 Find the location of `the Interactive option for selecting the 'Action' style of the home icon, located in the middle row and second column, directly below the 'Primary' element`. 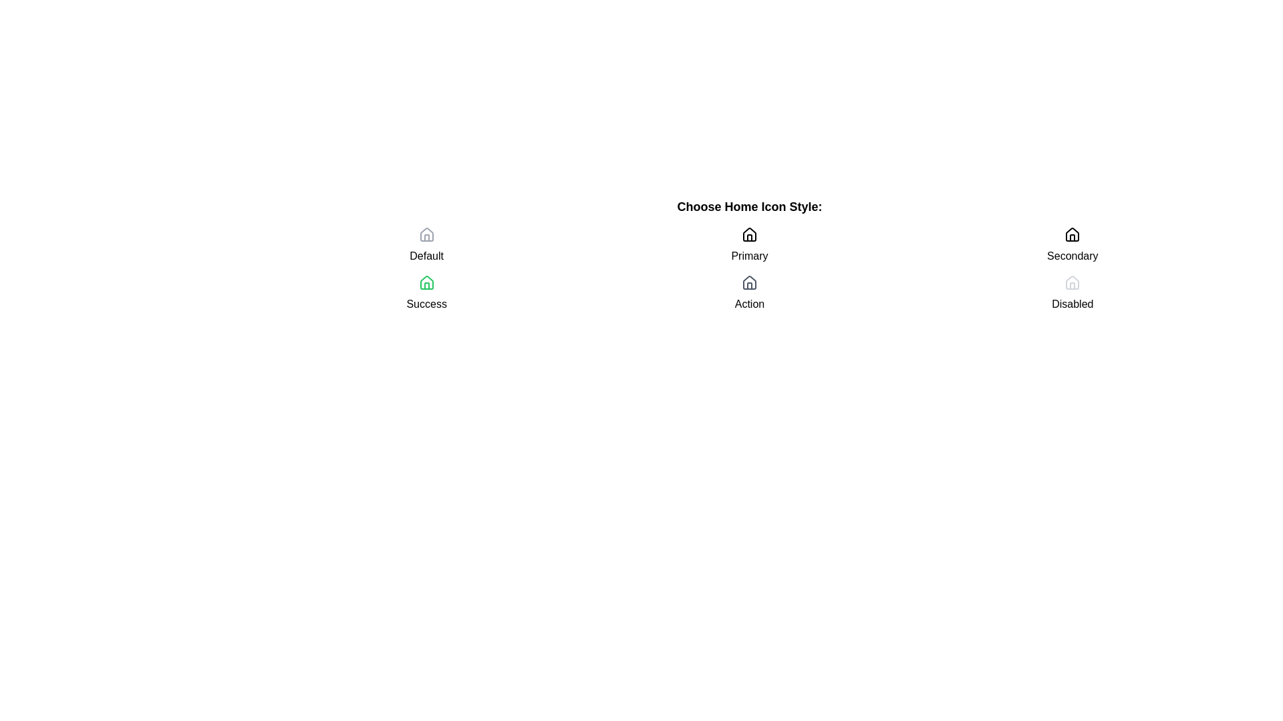

the Interactive option for selecting the 'Action' style of the home icon, located in the middle row and second column, directly below the 'Primary' element is located at coordinates (750, 292).